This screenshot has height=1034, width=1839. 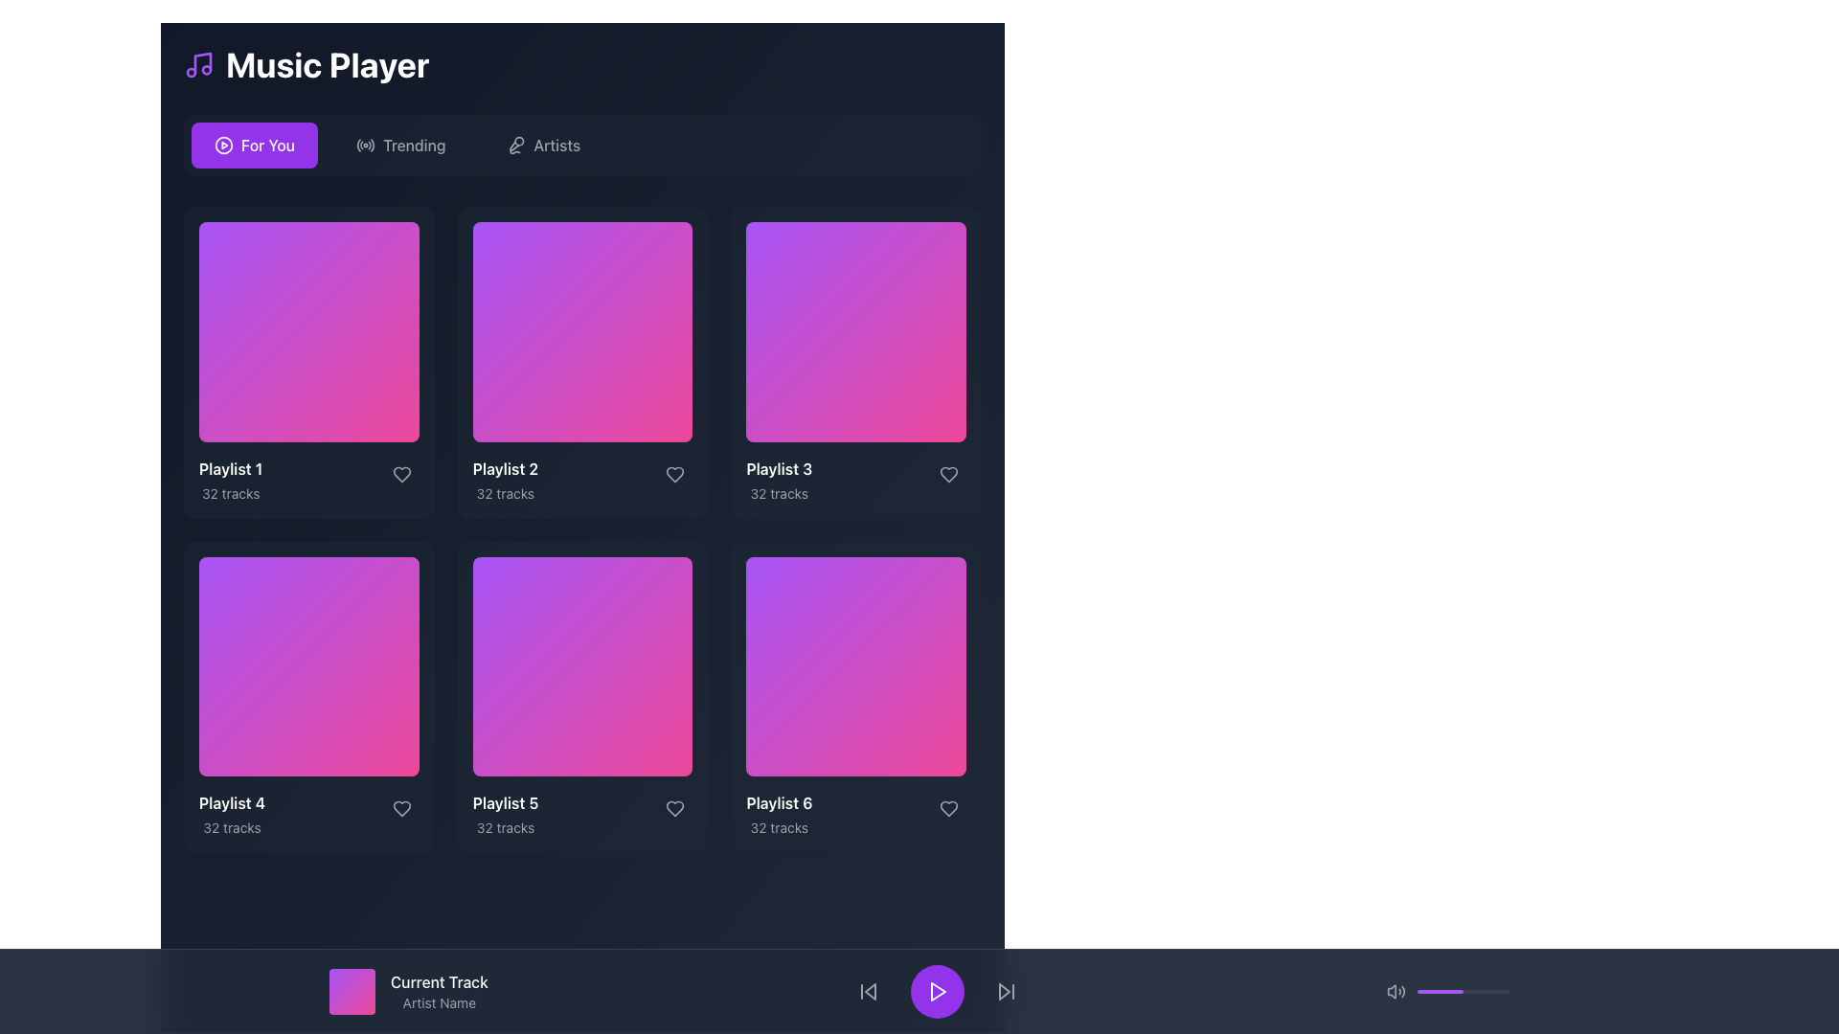 What do you see at coordinates (854, 697) in the screenshot?
I see `the 'Playlist 6' card located in the bottom-right of the grid layout` at bounding box center [854, 697].